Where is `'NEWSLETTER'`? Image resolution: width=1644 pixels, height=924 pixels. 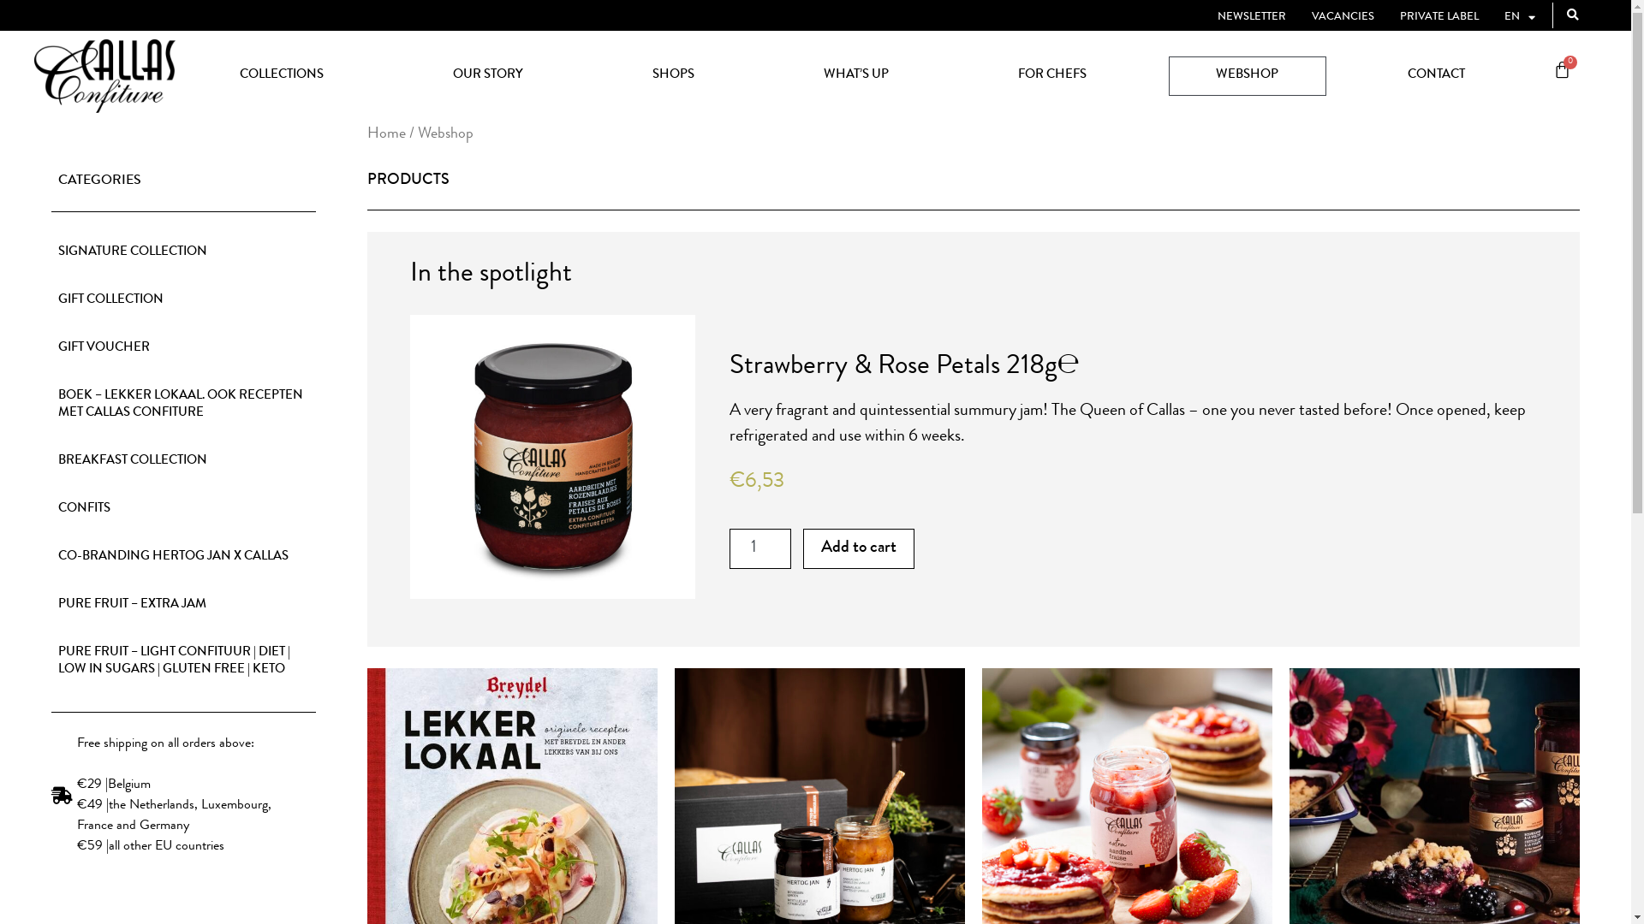
'NEWSLETTER' is located at coordinates (1252, 17).